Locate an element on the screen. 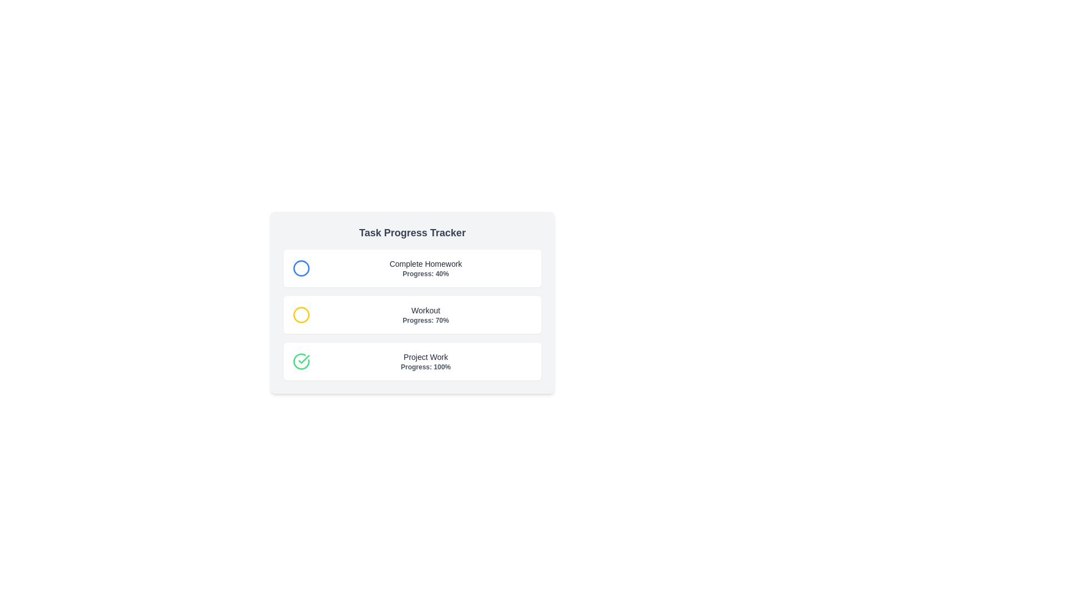  the decorative graphical element of the 'Project Work' task icon, which is a circular segment indicating task completion is located at coordinates (301, 361).